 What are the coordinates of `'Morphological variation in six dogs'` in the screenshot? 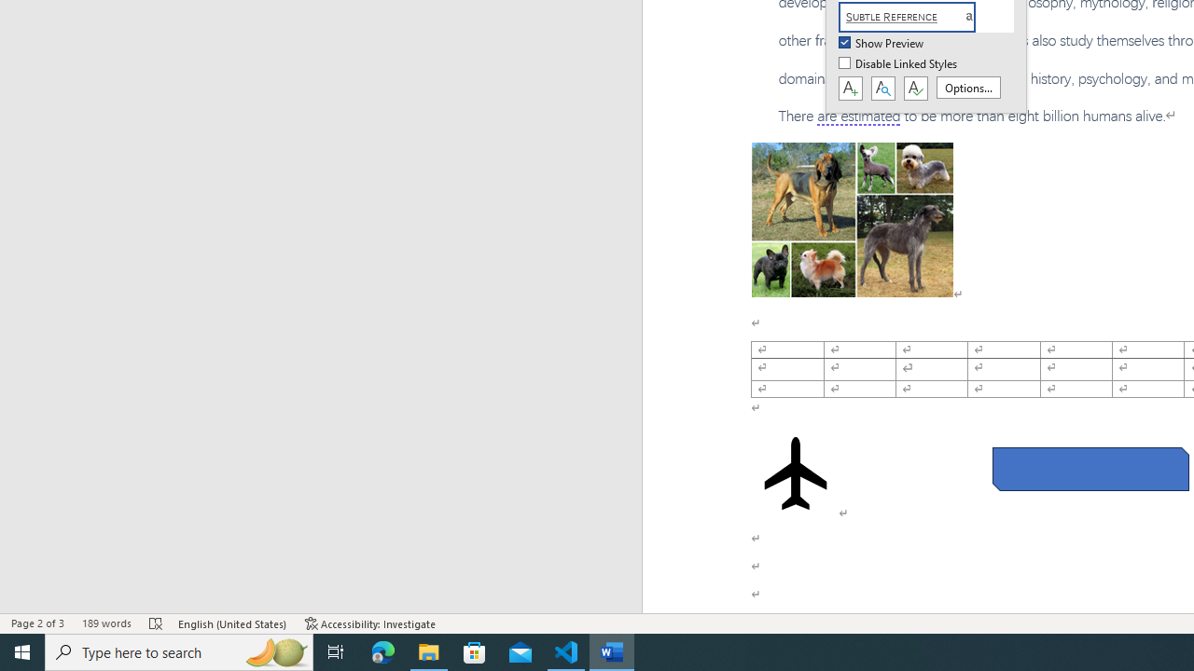 It's located at (851, 218).